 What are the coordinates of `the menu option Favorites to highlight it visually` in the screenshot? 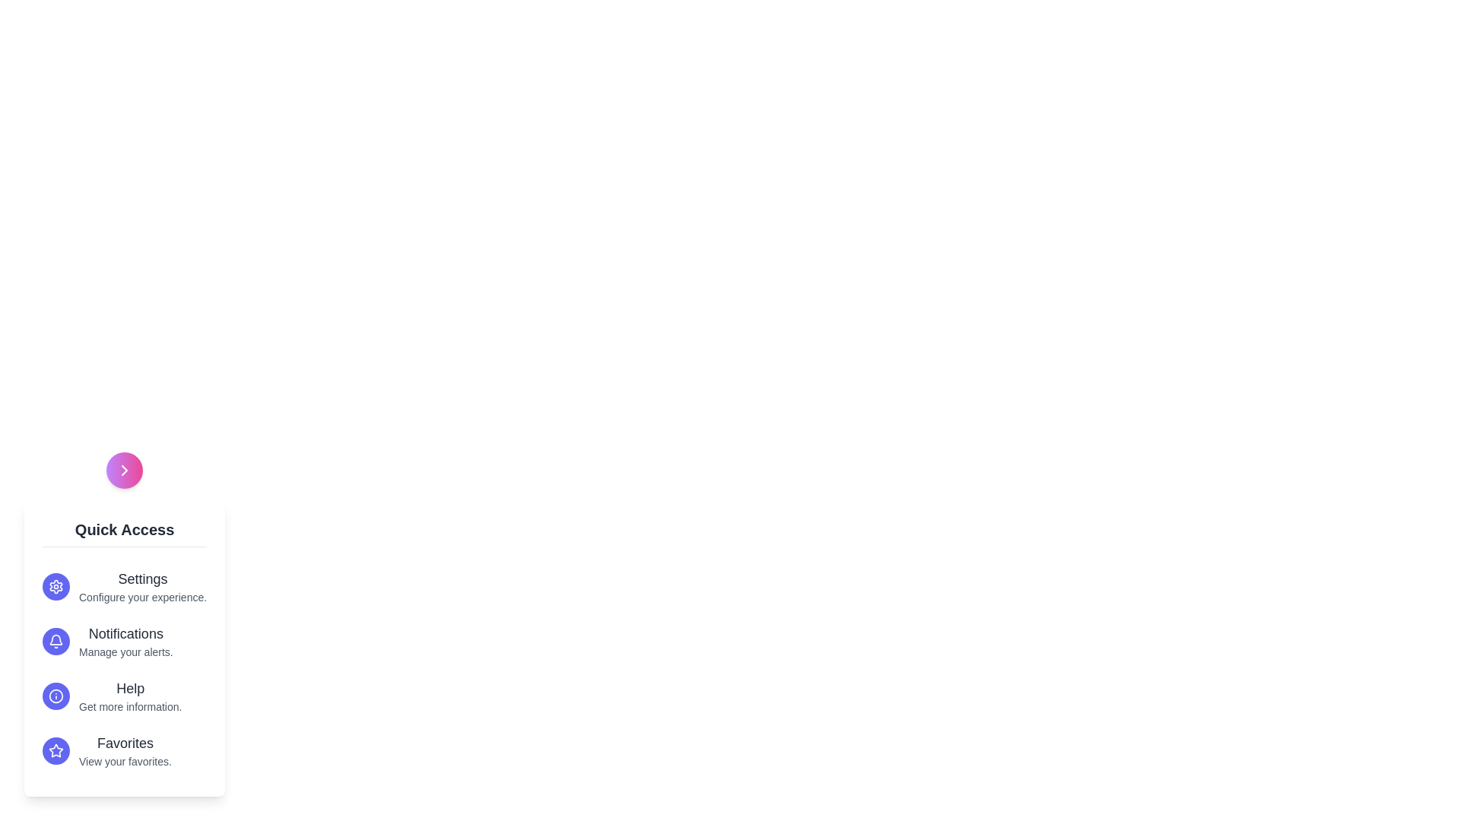 It's located at (124, 750).